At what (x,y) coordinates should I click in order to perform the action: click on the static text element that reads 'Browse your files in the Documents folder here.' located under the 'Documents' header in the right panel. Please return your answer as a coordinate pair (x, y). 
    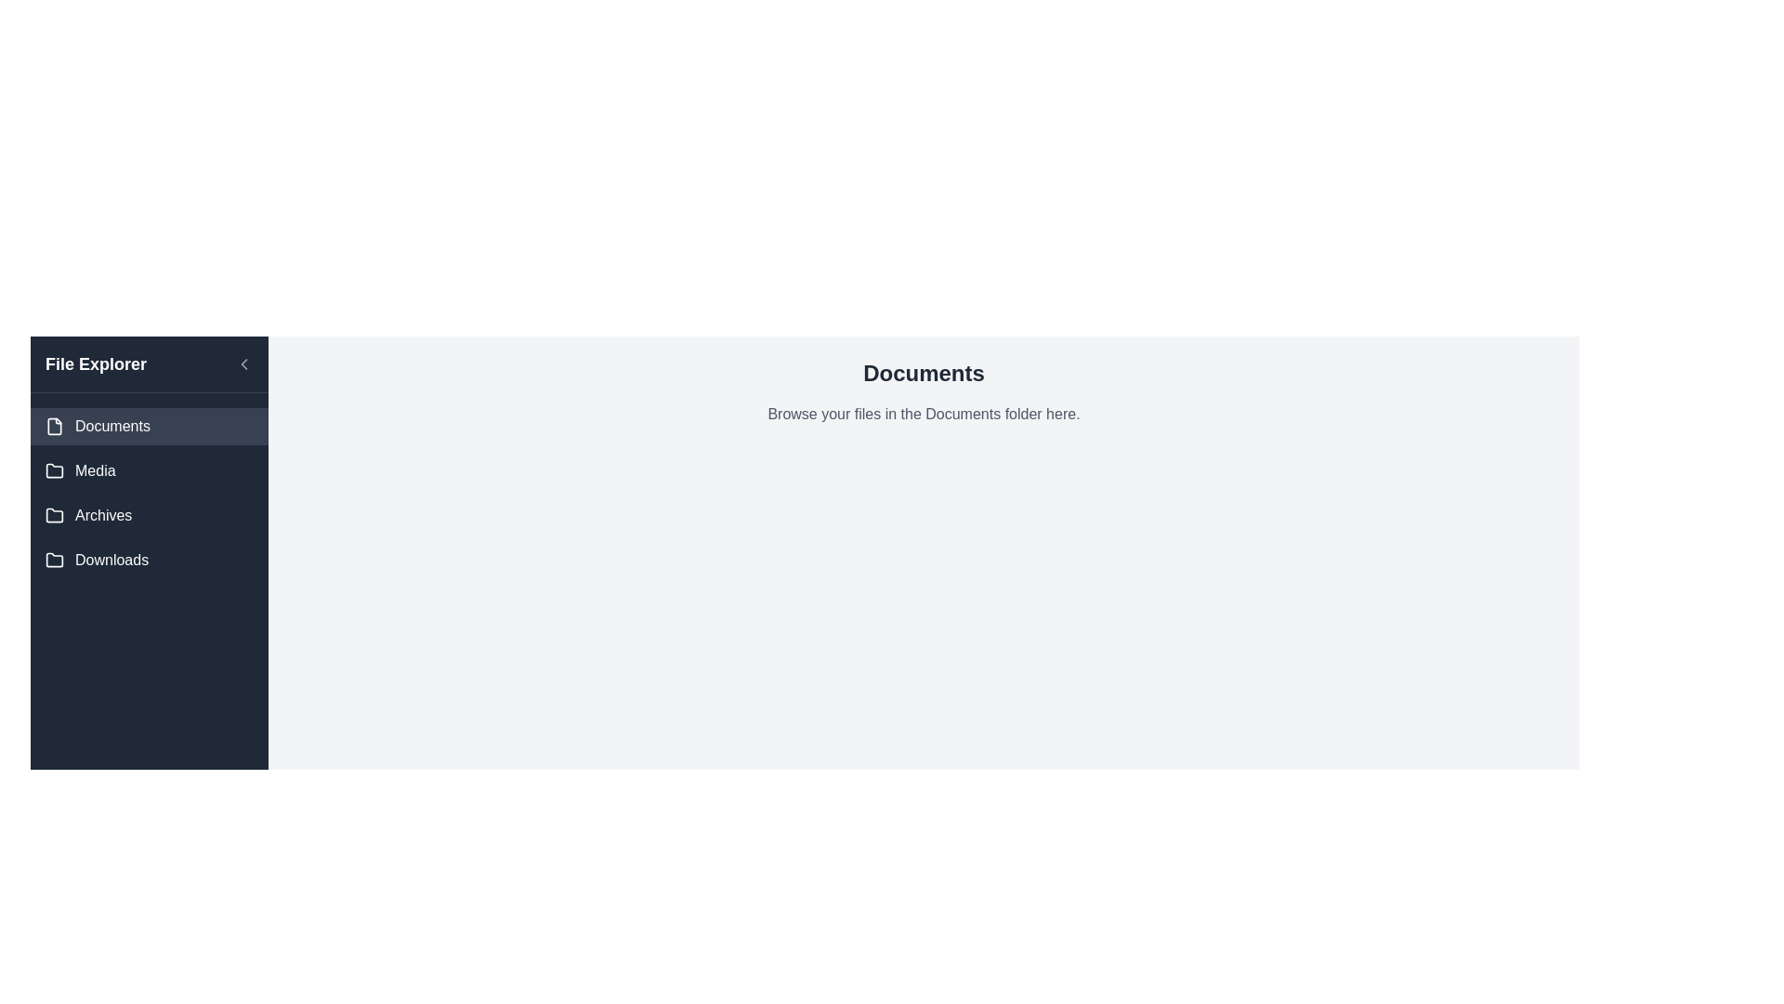
    Looking at the image, I should click on (924, 414).